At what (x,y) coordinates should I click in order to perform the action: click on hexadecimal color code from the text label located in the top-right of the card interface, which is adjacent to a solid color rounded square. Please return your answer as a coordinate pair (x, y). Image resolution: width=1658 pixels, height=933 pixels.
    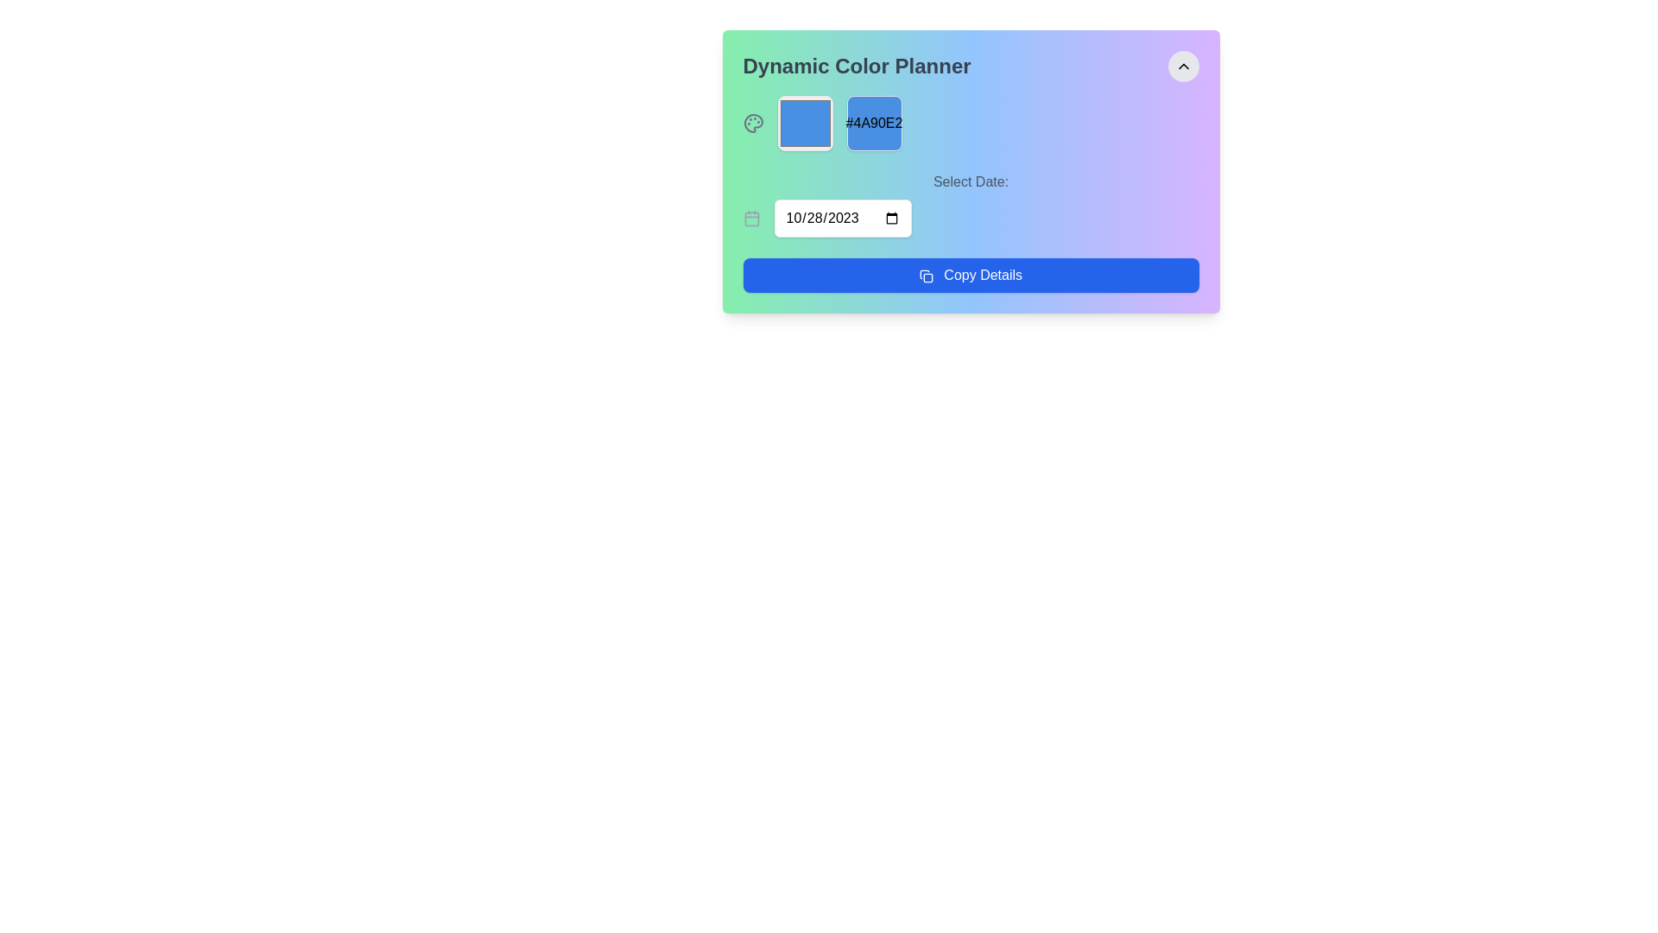
    Looking at the image, I should click on (874, 122).